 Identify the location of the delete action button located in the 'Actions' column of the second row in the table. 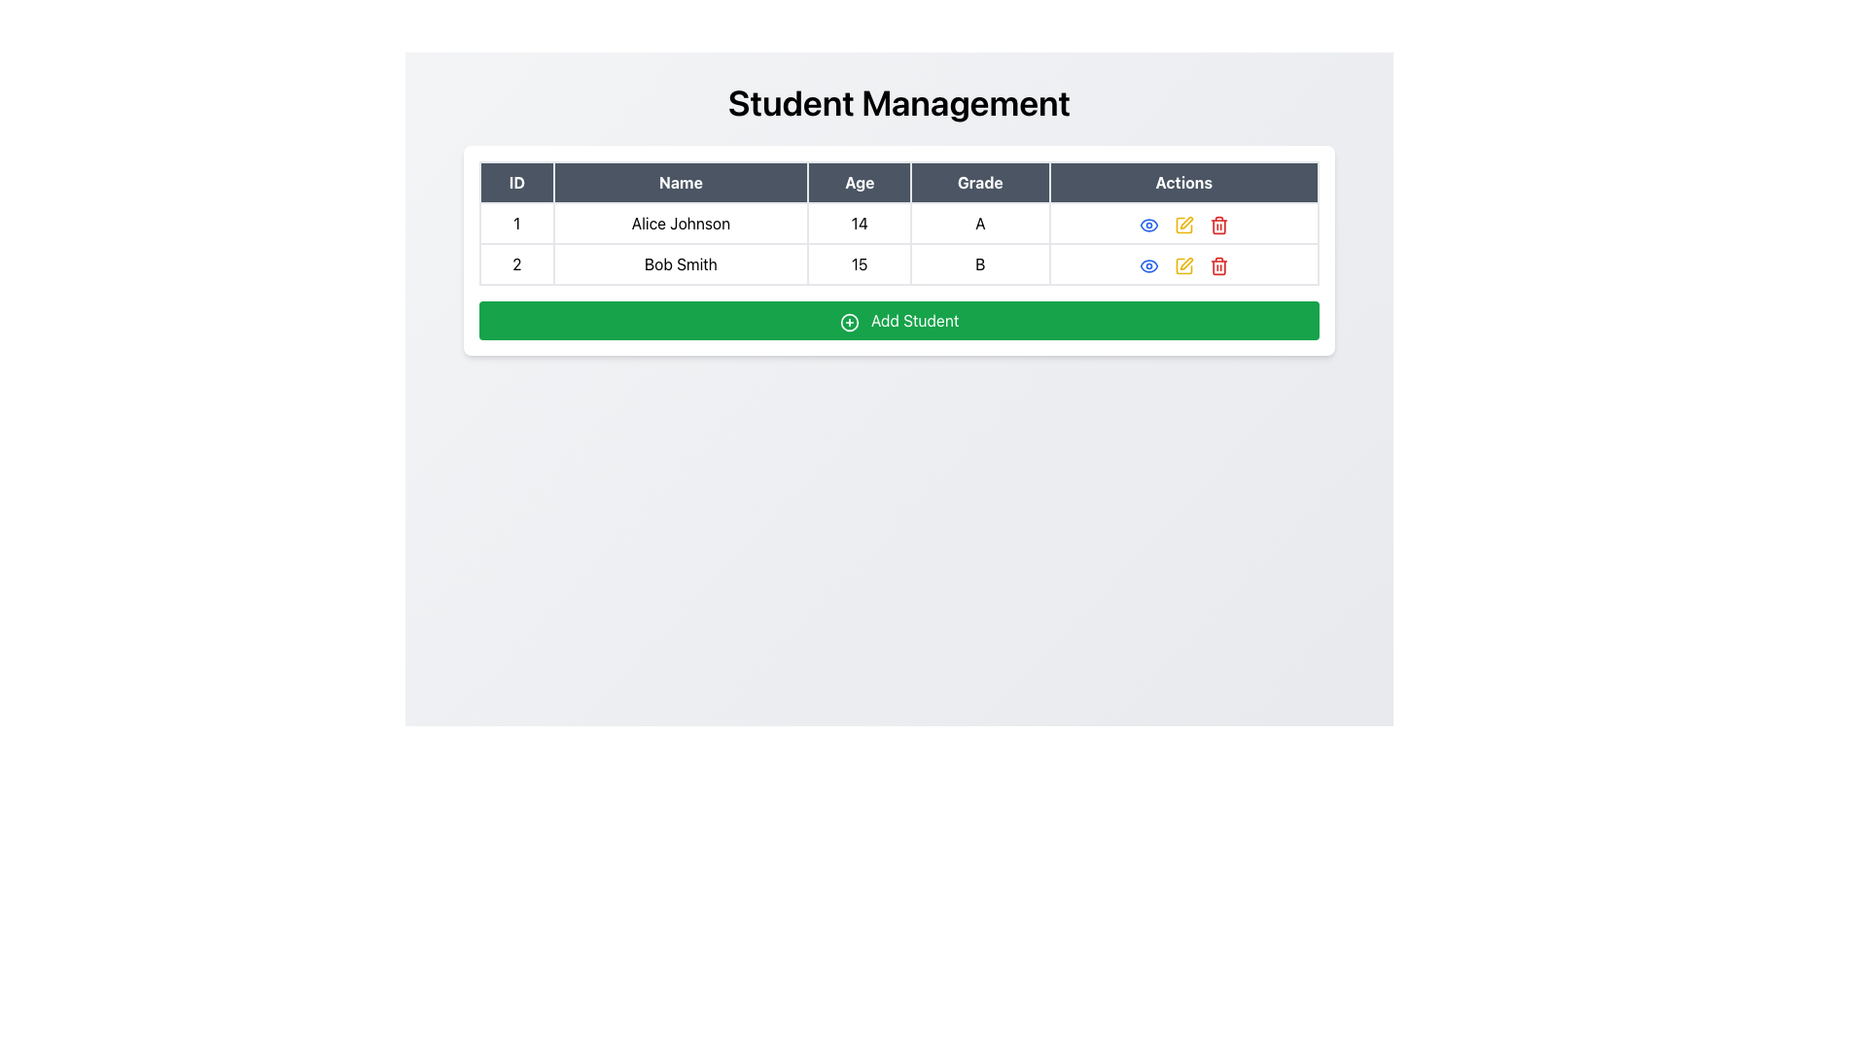
(1217, 264).